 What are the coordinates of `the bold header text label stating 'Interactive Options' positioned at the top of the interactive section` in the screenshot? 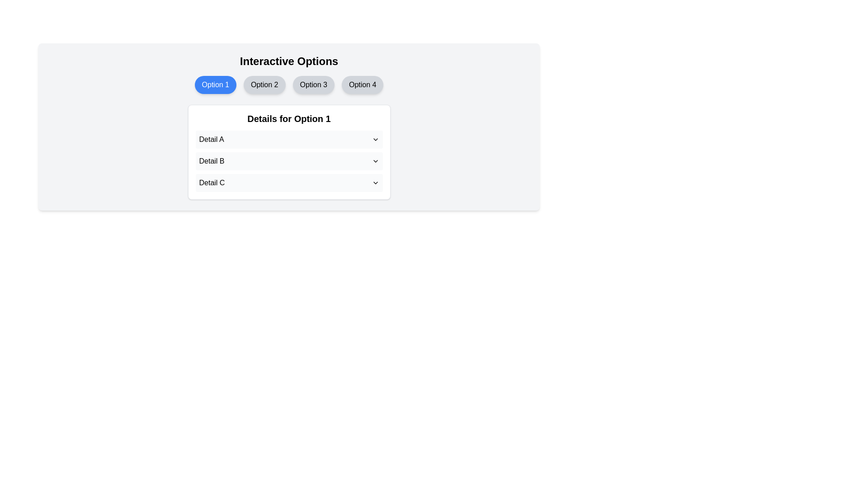 It's located at (288, 61).